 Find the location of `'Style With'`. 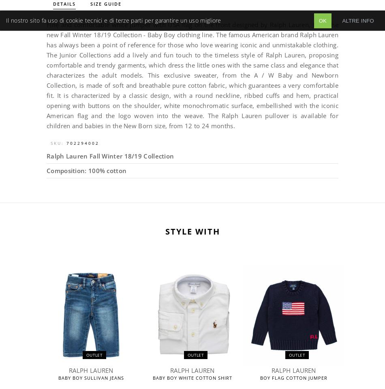

'Style With' is located at coordinates (192, 231).